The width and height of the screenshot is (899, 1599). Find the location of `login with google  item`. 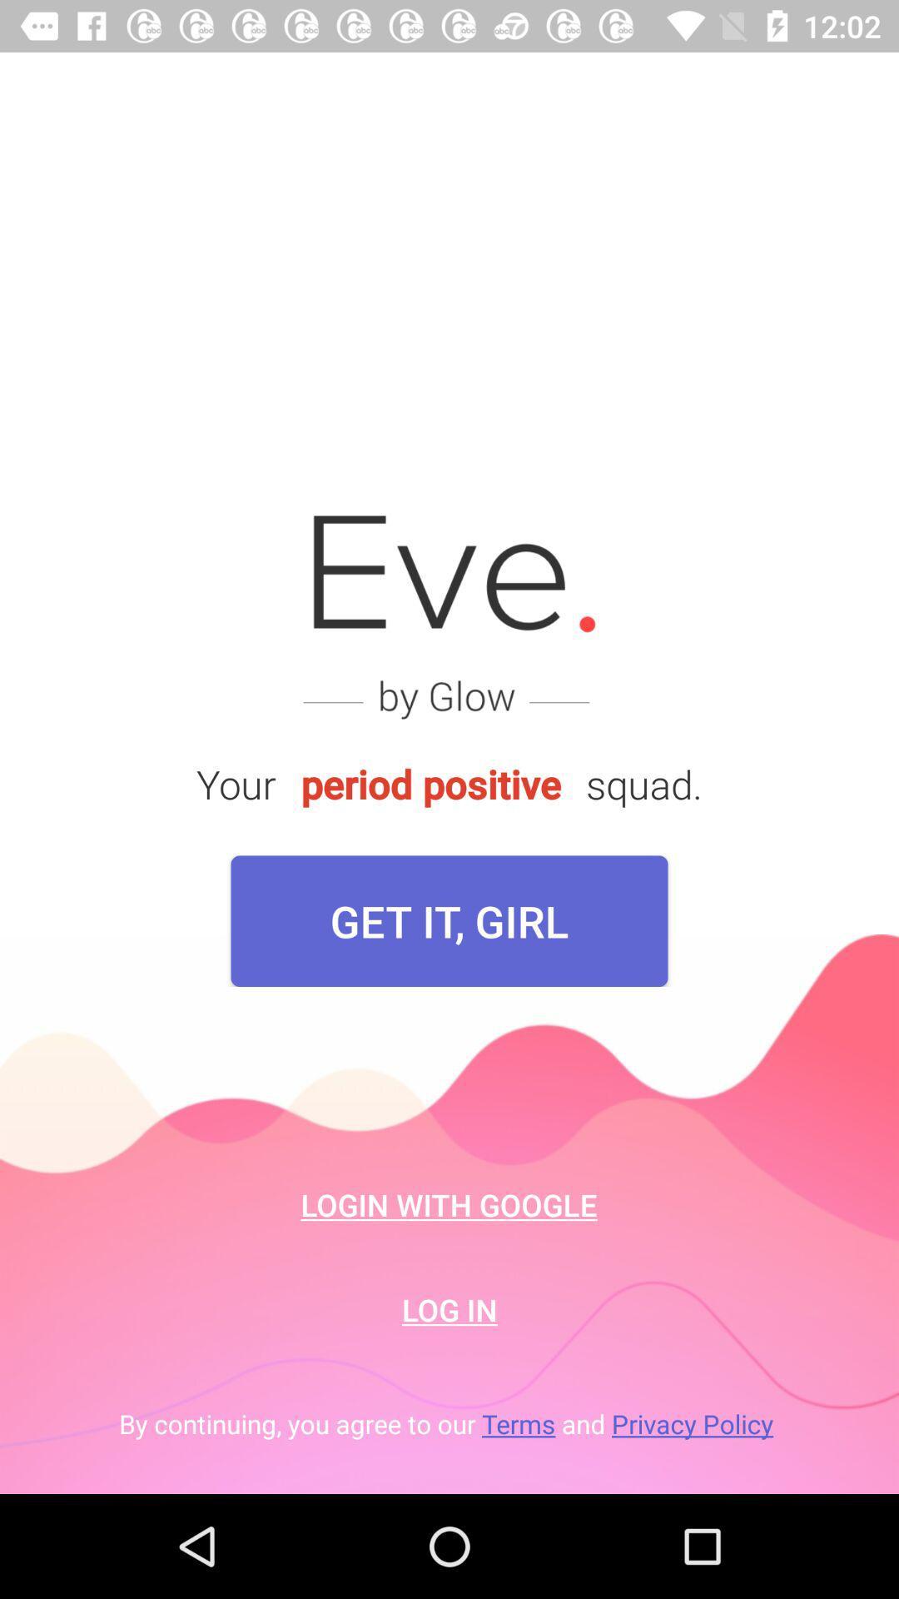

login with google  item is located at coordinates (448, 1204).